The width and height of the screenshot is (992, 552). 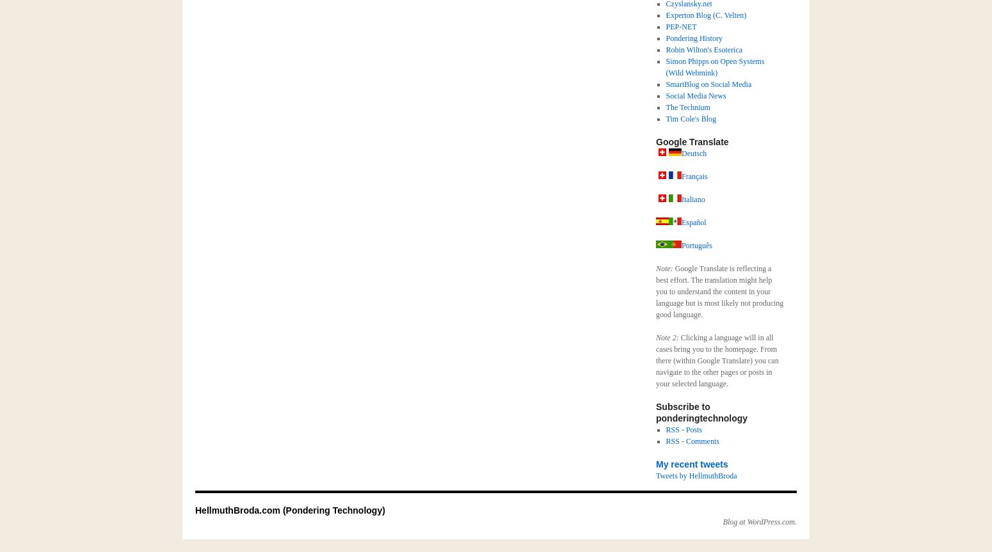 I want to click on 'My recent tweets', so click(x=691, y=464).